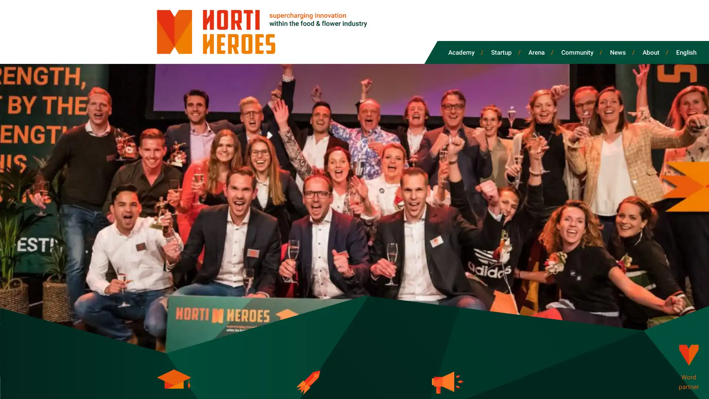 This screenshot has width=709, height=399. Describe the element at coordinates (87, 379) in the screenshot. I see `Ja, dat ben ik of die ken ik!` at that location.